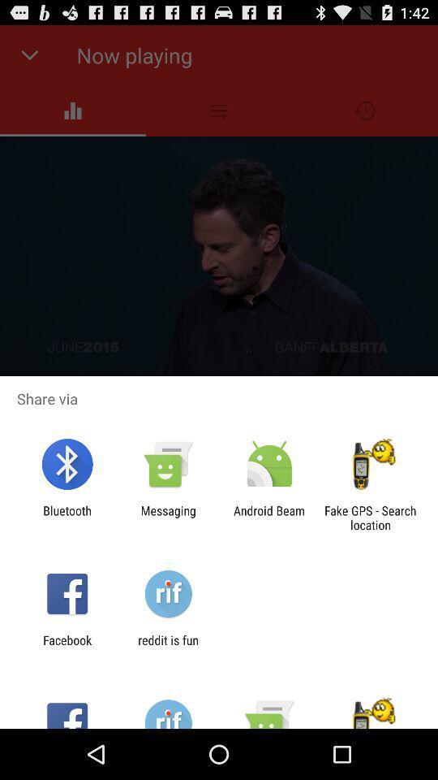  What do you see at coordinates (370, 517) in the screenshot?
I see `app next to android beam icon` at bounding box center [370, 517].